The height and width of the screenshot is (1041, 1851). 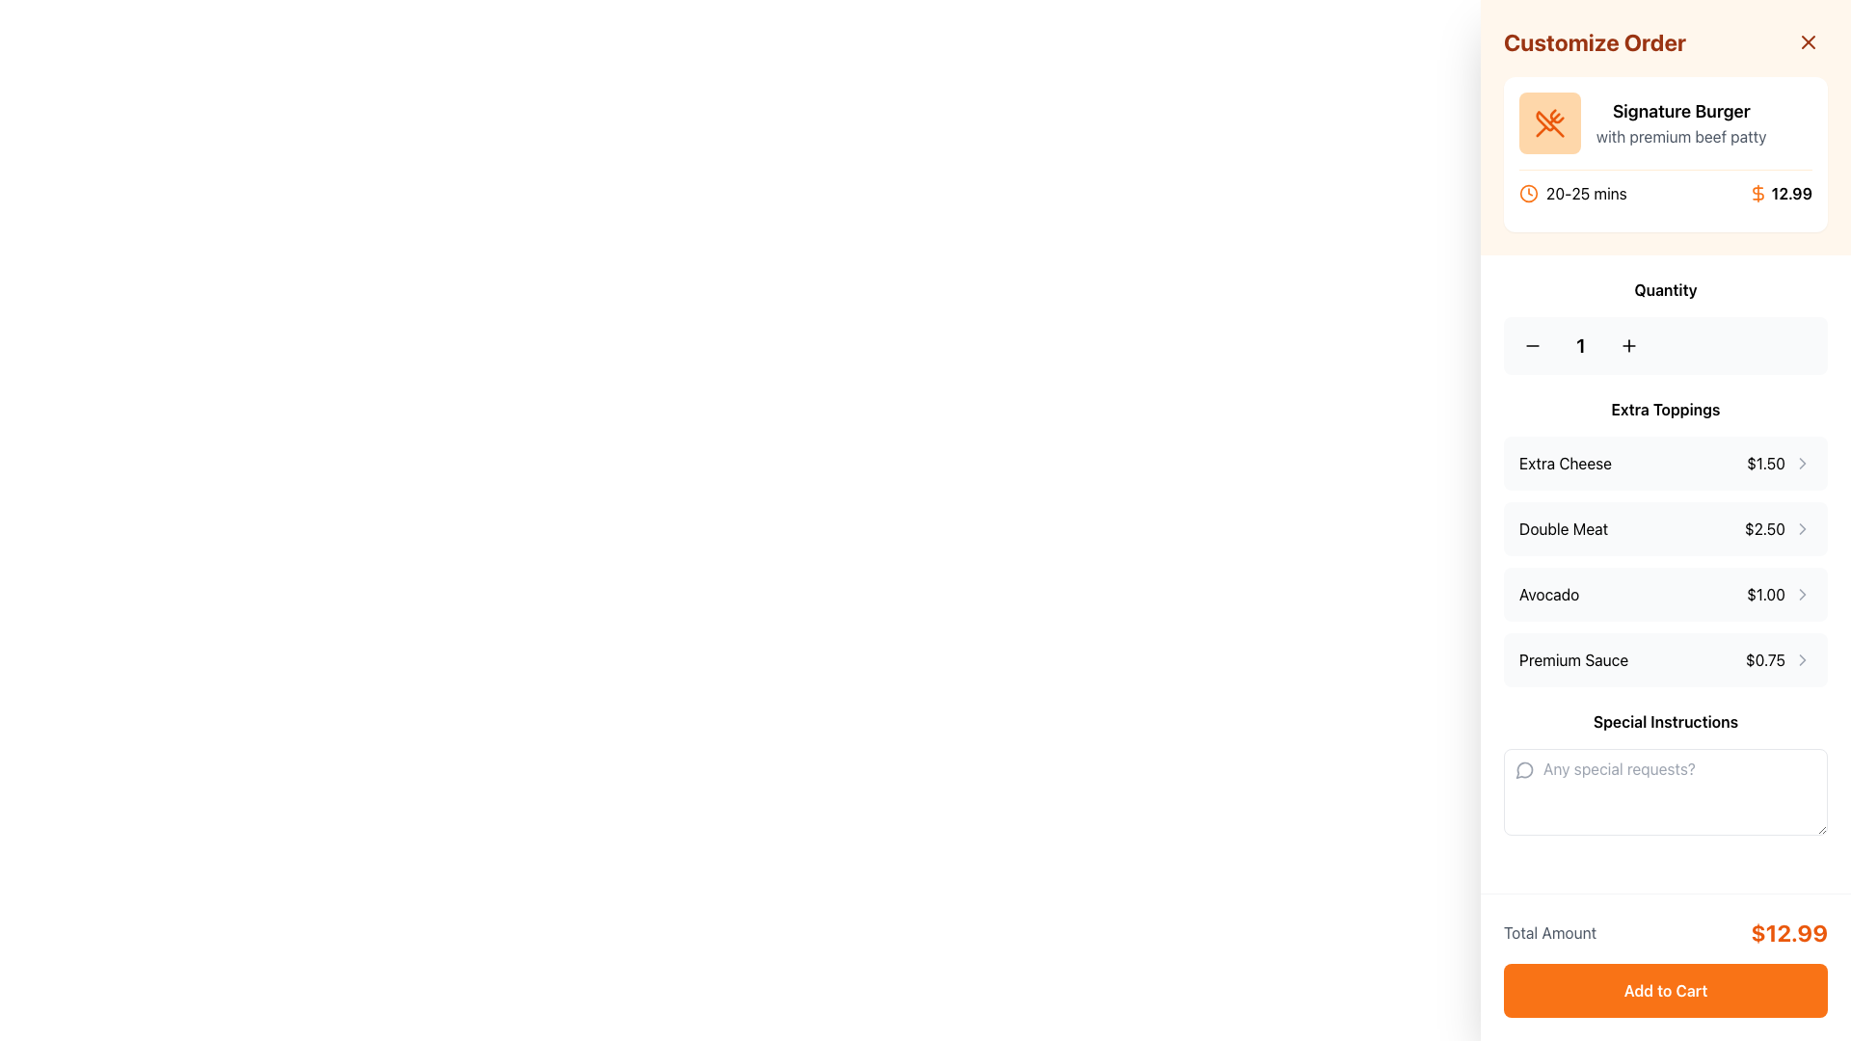 I want to click on the price label indicating the cost of the 'Extra Cheese' topping, which is positioned in the right-hand column of the 'Extra Toppings' section, aligned to the right of the 'Extra Cheese' label, so click(x=1766, y=464).